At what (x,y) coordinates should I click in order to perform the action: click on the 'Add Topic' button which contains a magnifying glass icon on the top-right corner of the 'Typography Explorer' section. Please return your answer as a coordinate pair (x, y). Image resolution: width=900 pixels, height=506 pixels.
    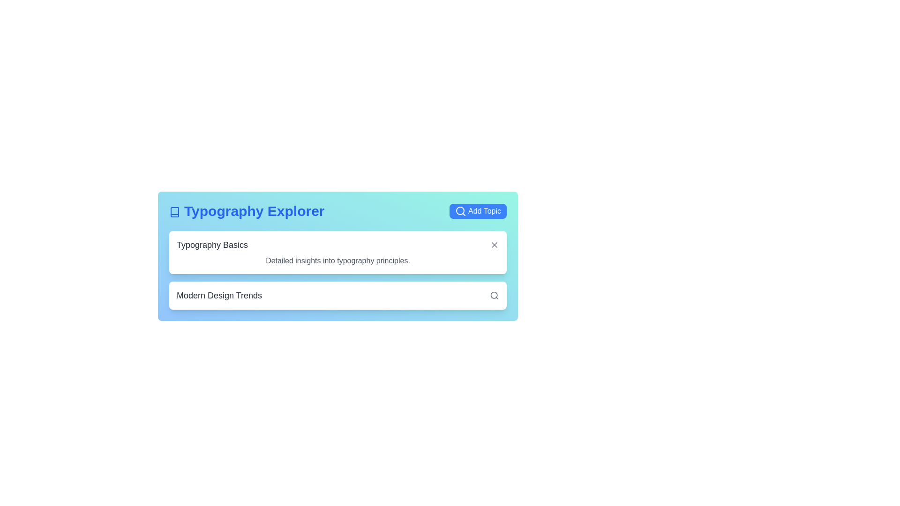
    Looking at the image, I should click on (461, 211).